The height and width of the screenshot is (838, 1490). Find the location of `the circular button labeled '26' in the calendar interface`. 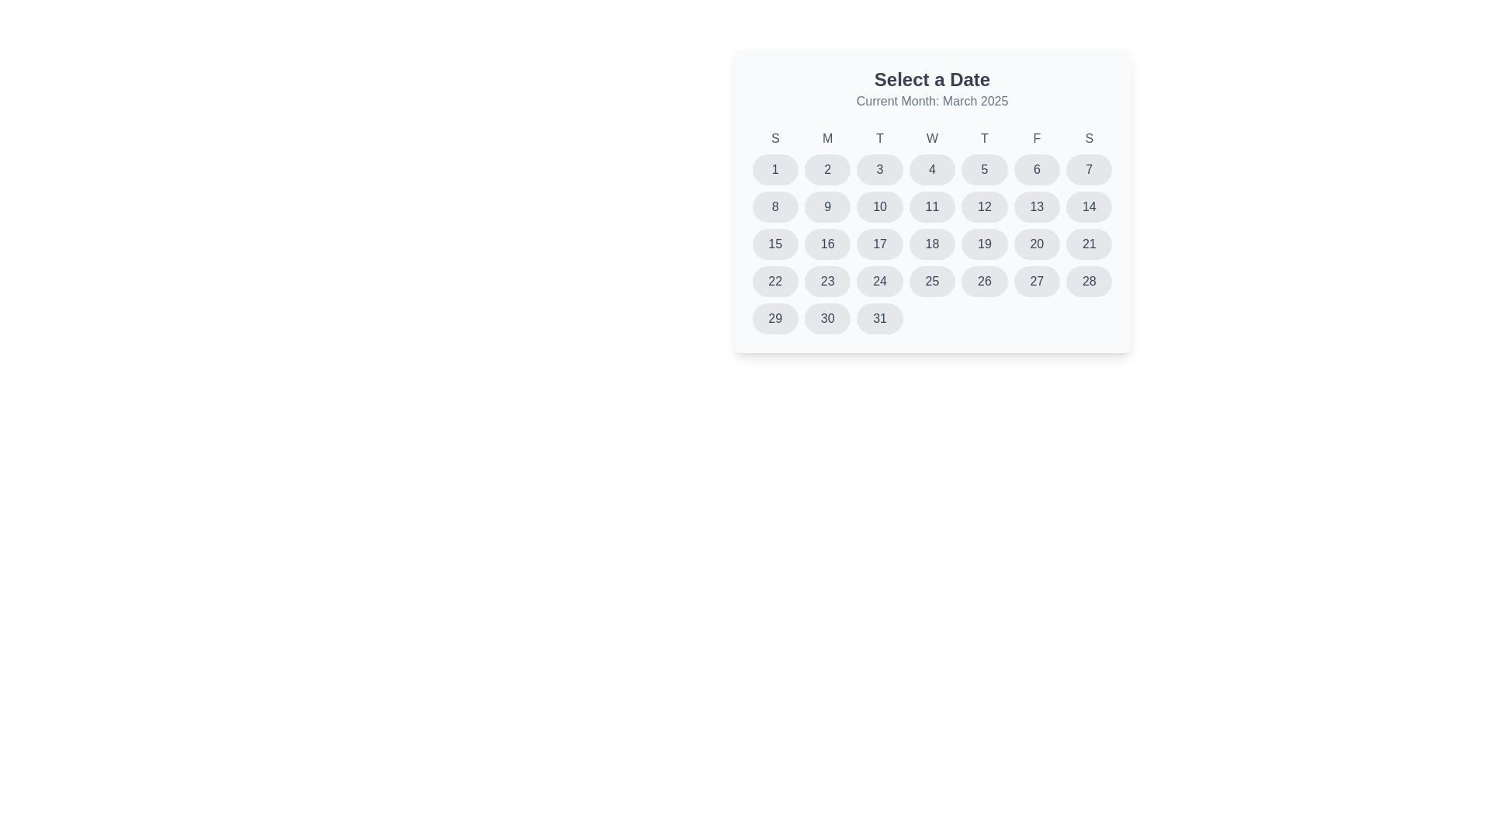

the circular button labeled '26' in the calendar interface is located at coordinates (983, 281).